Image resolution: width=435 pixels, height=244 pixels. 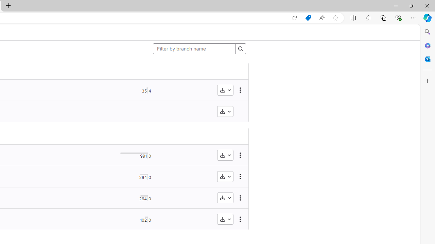 I want to click on 'Read aloud this page (Ctrl+Shift+U)', so click(x=321, y=18).